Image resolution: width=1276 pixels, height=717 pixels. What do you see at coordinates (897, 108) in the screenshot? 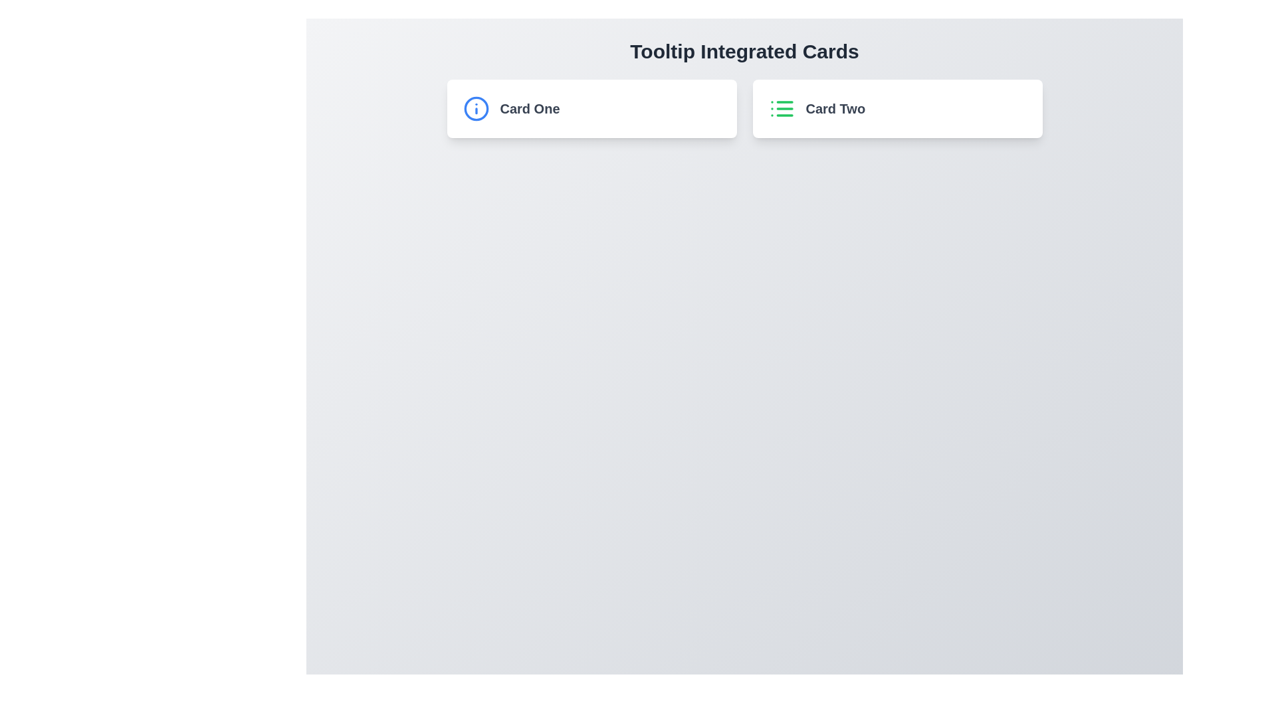
I see `the second card in the grid layout, labeled 'Card Two', which is positioned to the right of 'Card One'` at bounding box center [897, 108].